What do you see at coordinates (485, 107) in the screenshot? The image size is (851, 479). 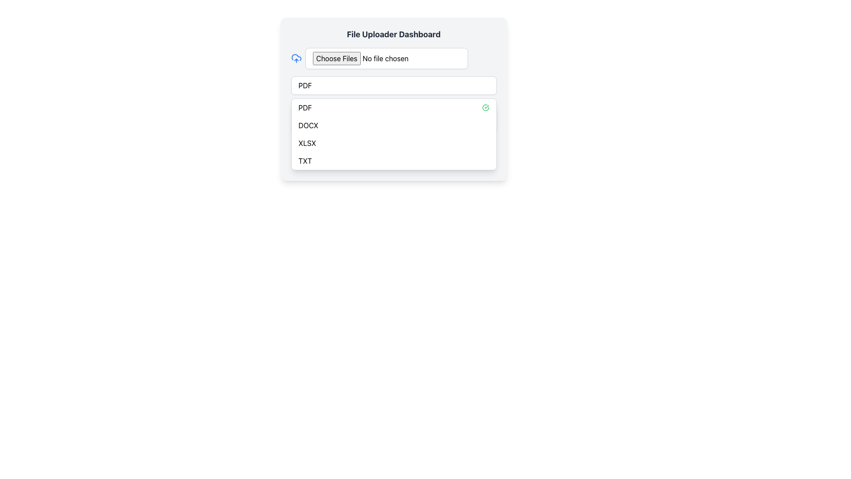 I see `the circular green check indicator icon located at the far-right of the row labeled 'PDF' in the dropdown list` at bounding box center [485, 107].